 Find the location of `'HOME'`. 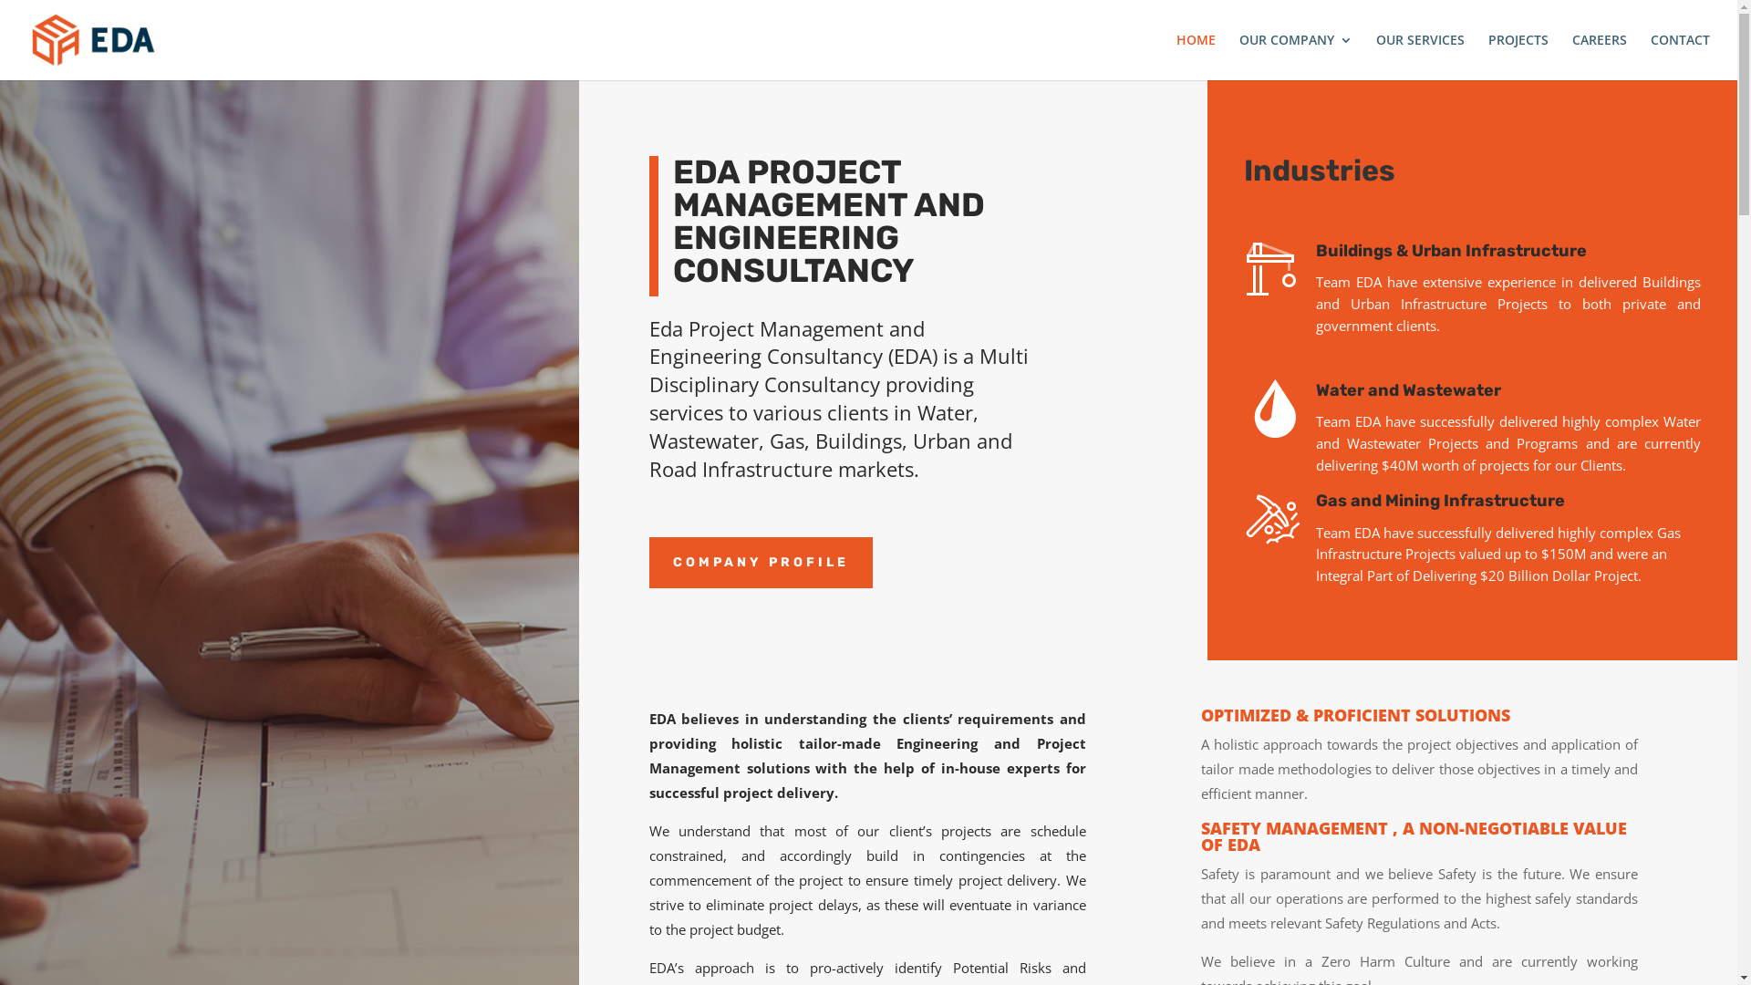

'HOME' is located at coordinates (1196, 56).